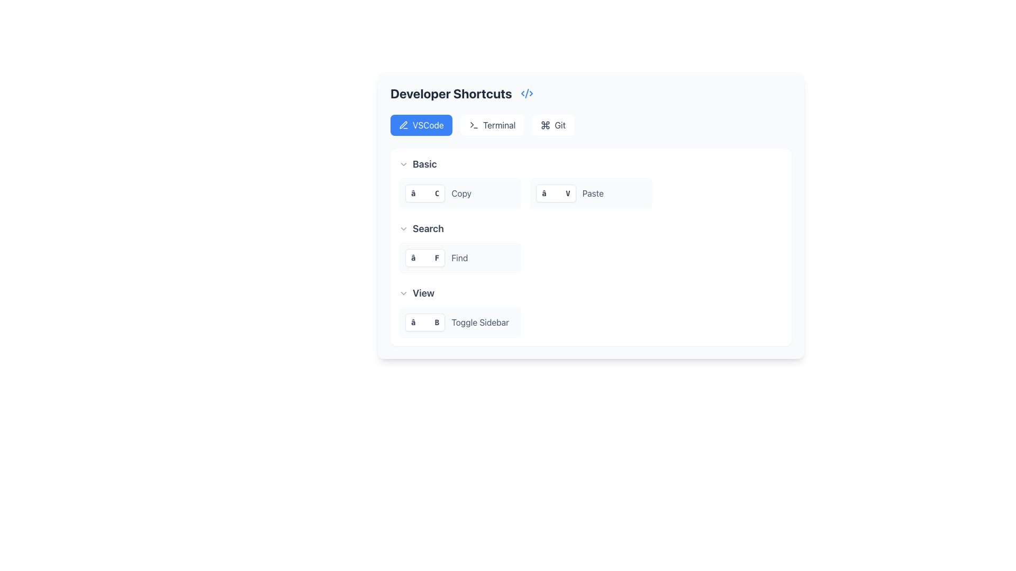 This screenshot has height=571, width=1016. Describe the element at coordinates (403, 124) in the screenshot. I see `the 'VSCode' button icon located` at that location.